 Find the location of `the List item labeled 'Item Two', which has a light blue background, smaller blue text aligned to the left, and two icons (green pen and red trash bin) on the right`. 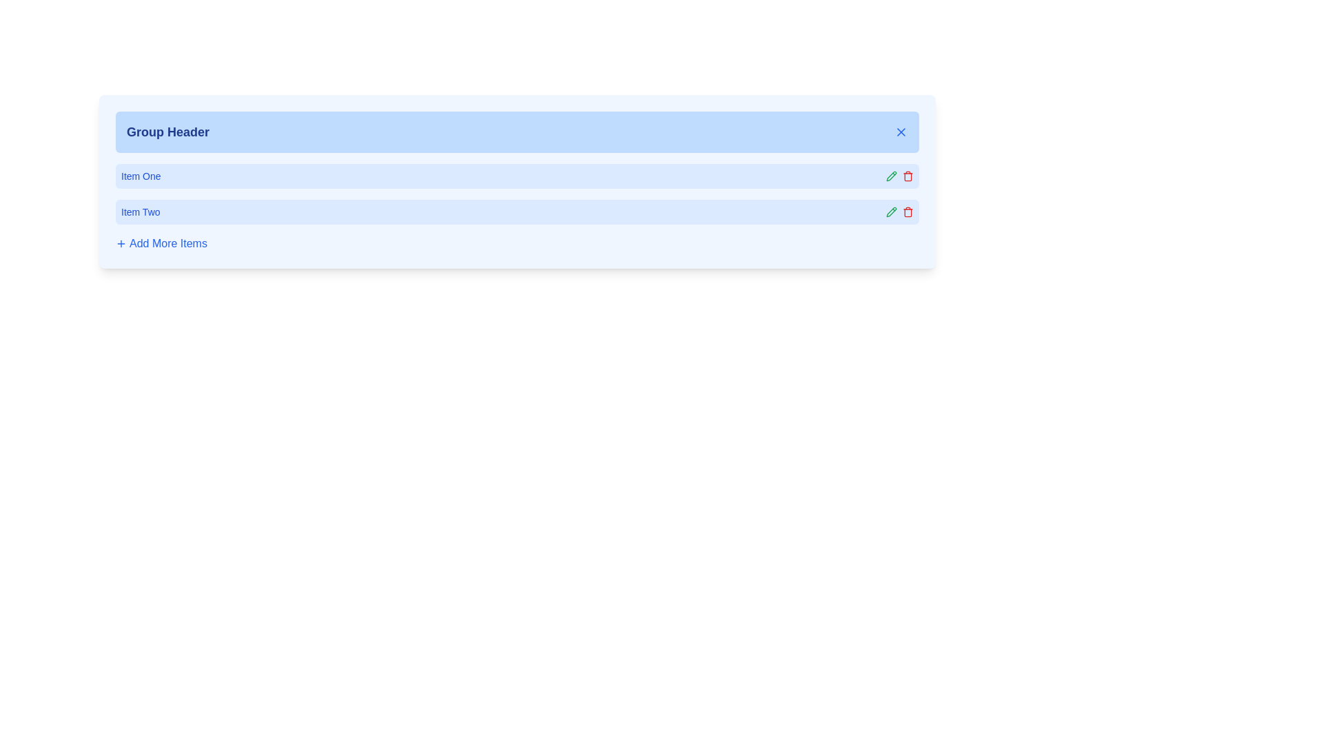

the List item labeled 'Item Two', which has a light blue background, smaller blue text aligned to the left, and two icons (green pen and red trash bin) on the right is located at coordinates (516, 212).